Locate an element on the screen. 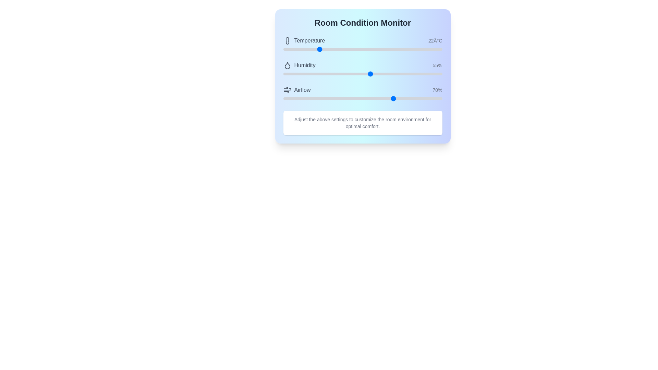  the humidity level is located at coordinates (296, 74).